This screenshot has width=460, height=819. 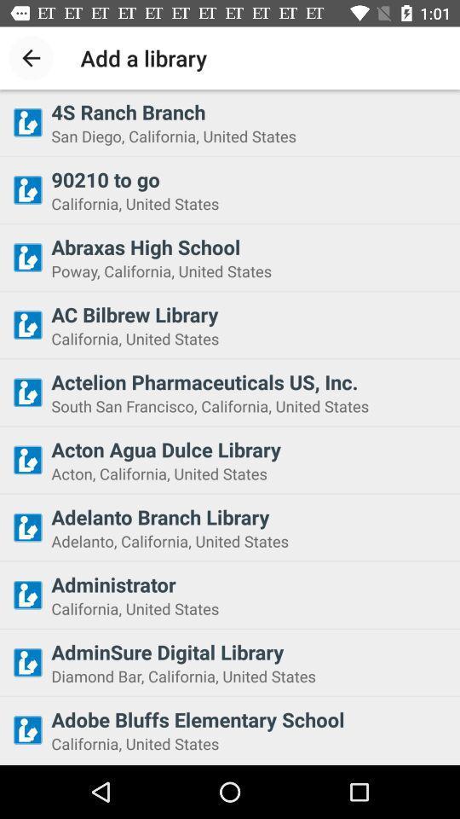 I want to click on item above the california, united states item, so click(x=250, y=718).